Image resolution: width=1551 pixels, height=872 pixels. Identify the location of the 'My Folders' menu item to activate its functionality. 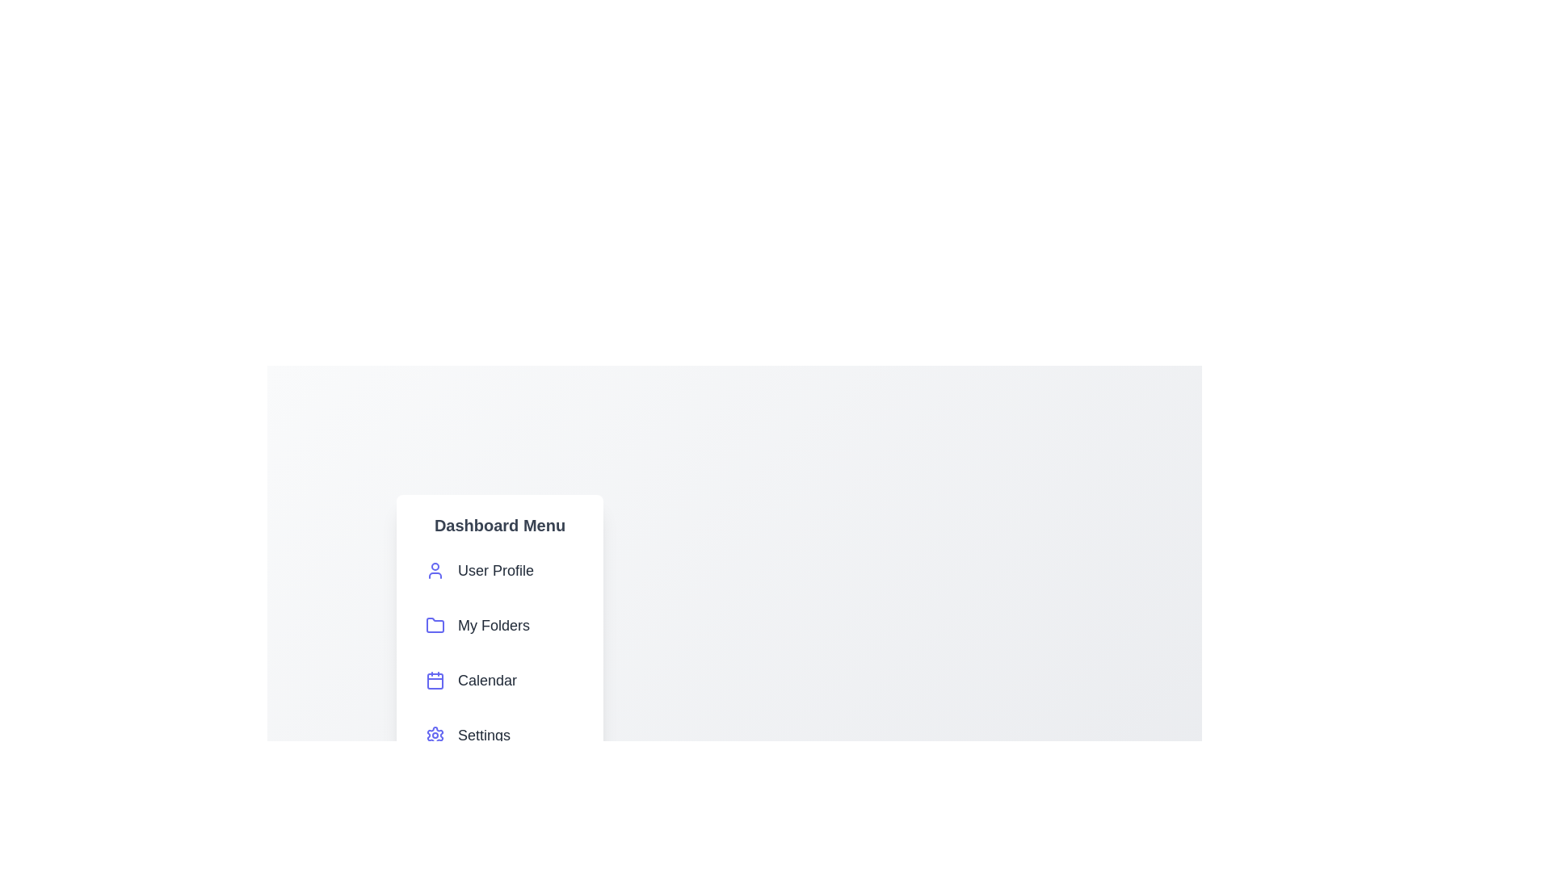
(499, 625).